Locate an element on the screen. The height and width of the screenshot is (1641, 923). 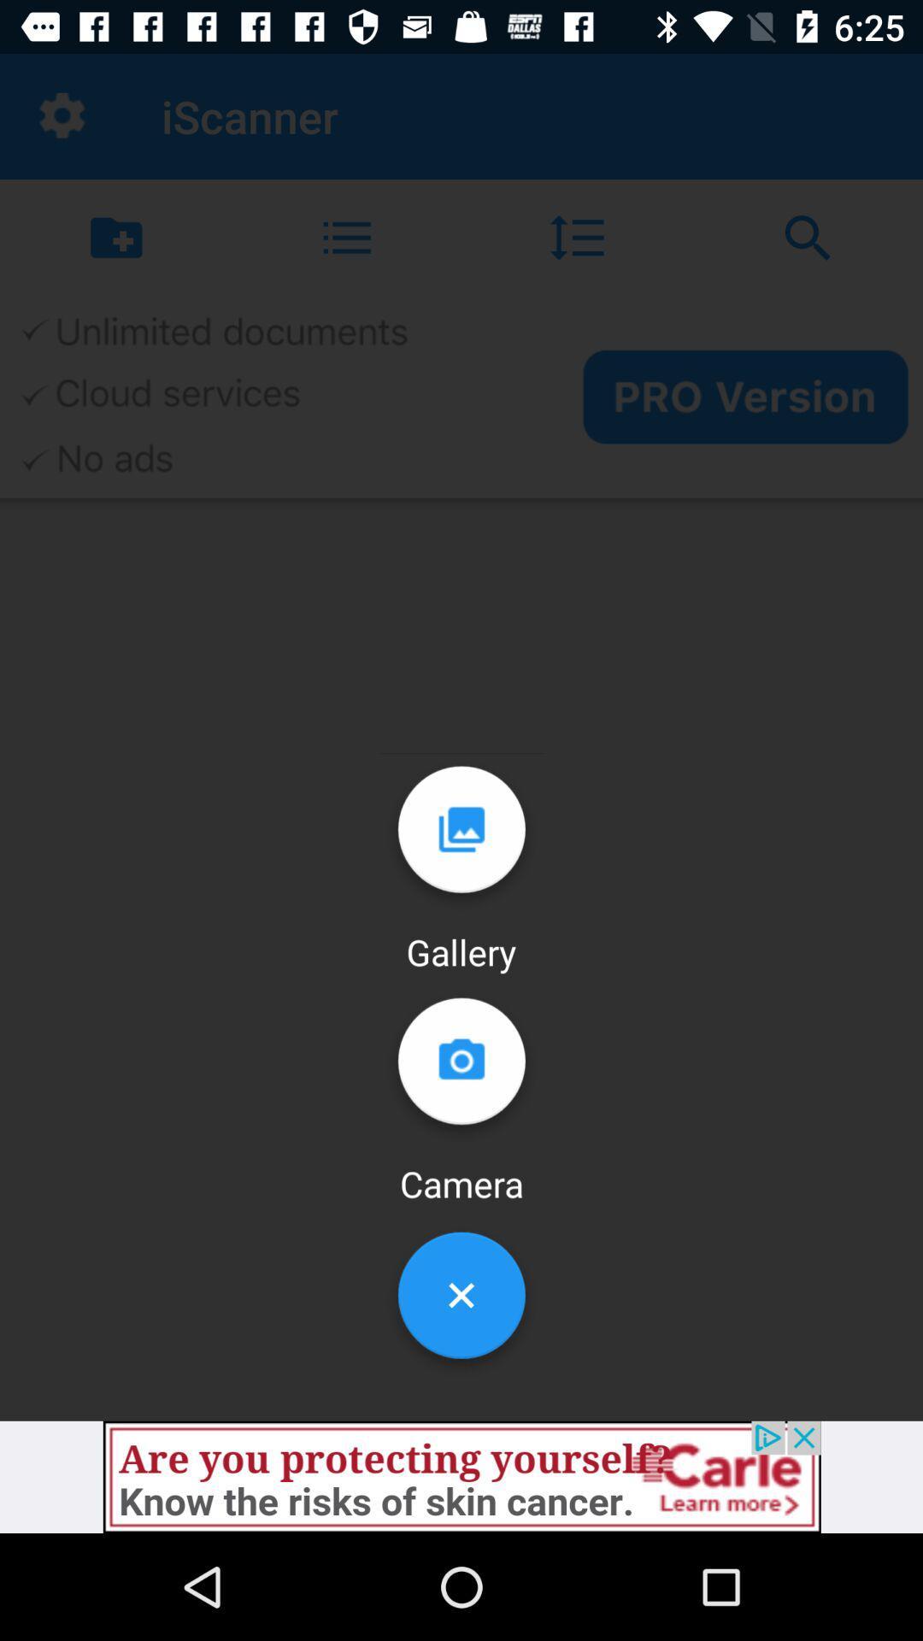
the close icon is located at coordinates (461, 1301).